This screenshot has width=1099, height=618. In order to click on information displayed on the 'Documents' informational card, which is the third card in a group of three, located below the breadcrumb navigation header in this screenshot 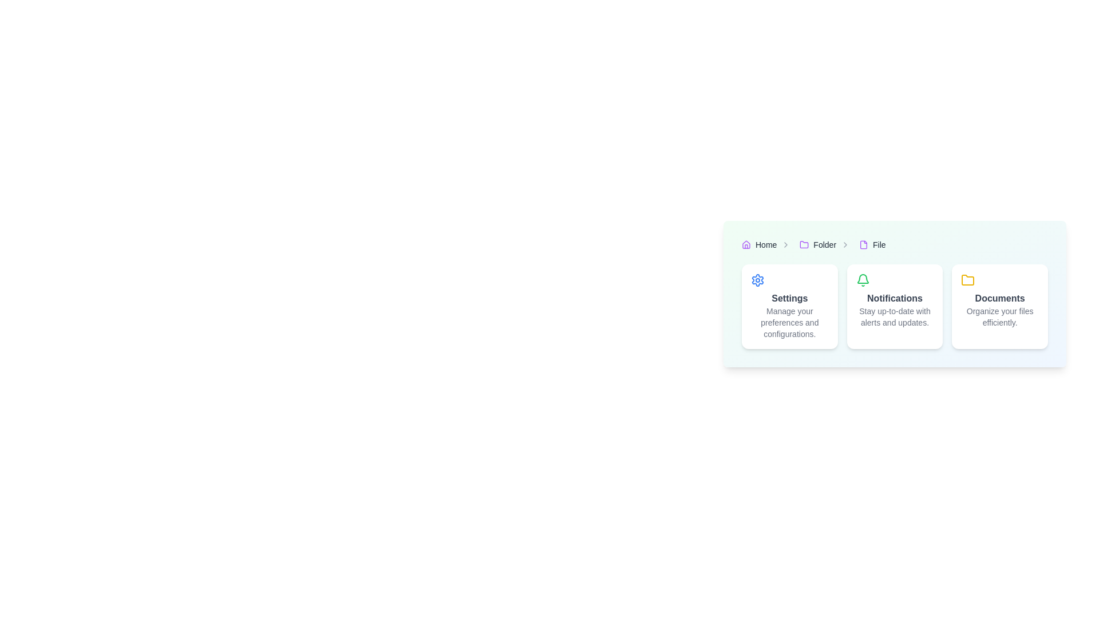, I will do `click(999, 306)`.